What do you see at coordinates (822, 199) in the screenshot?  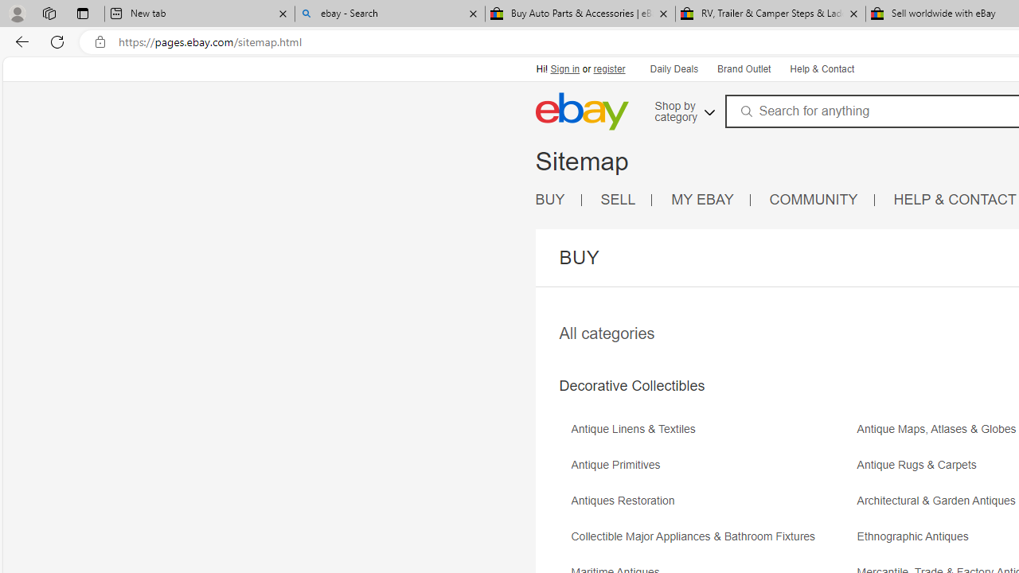 I see `'COMMUNITY'` at bounding box center [822, 199].